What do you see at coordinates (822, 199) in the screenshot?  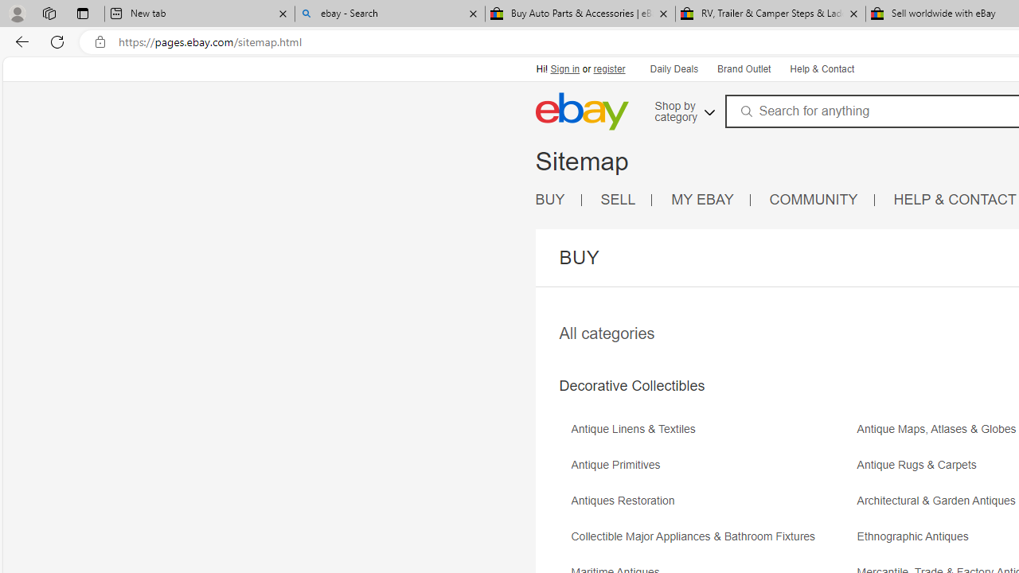 I see `'COMMUNITY'` at bounding box center [822, 199].